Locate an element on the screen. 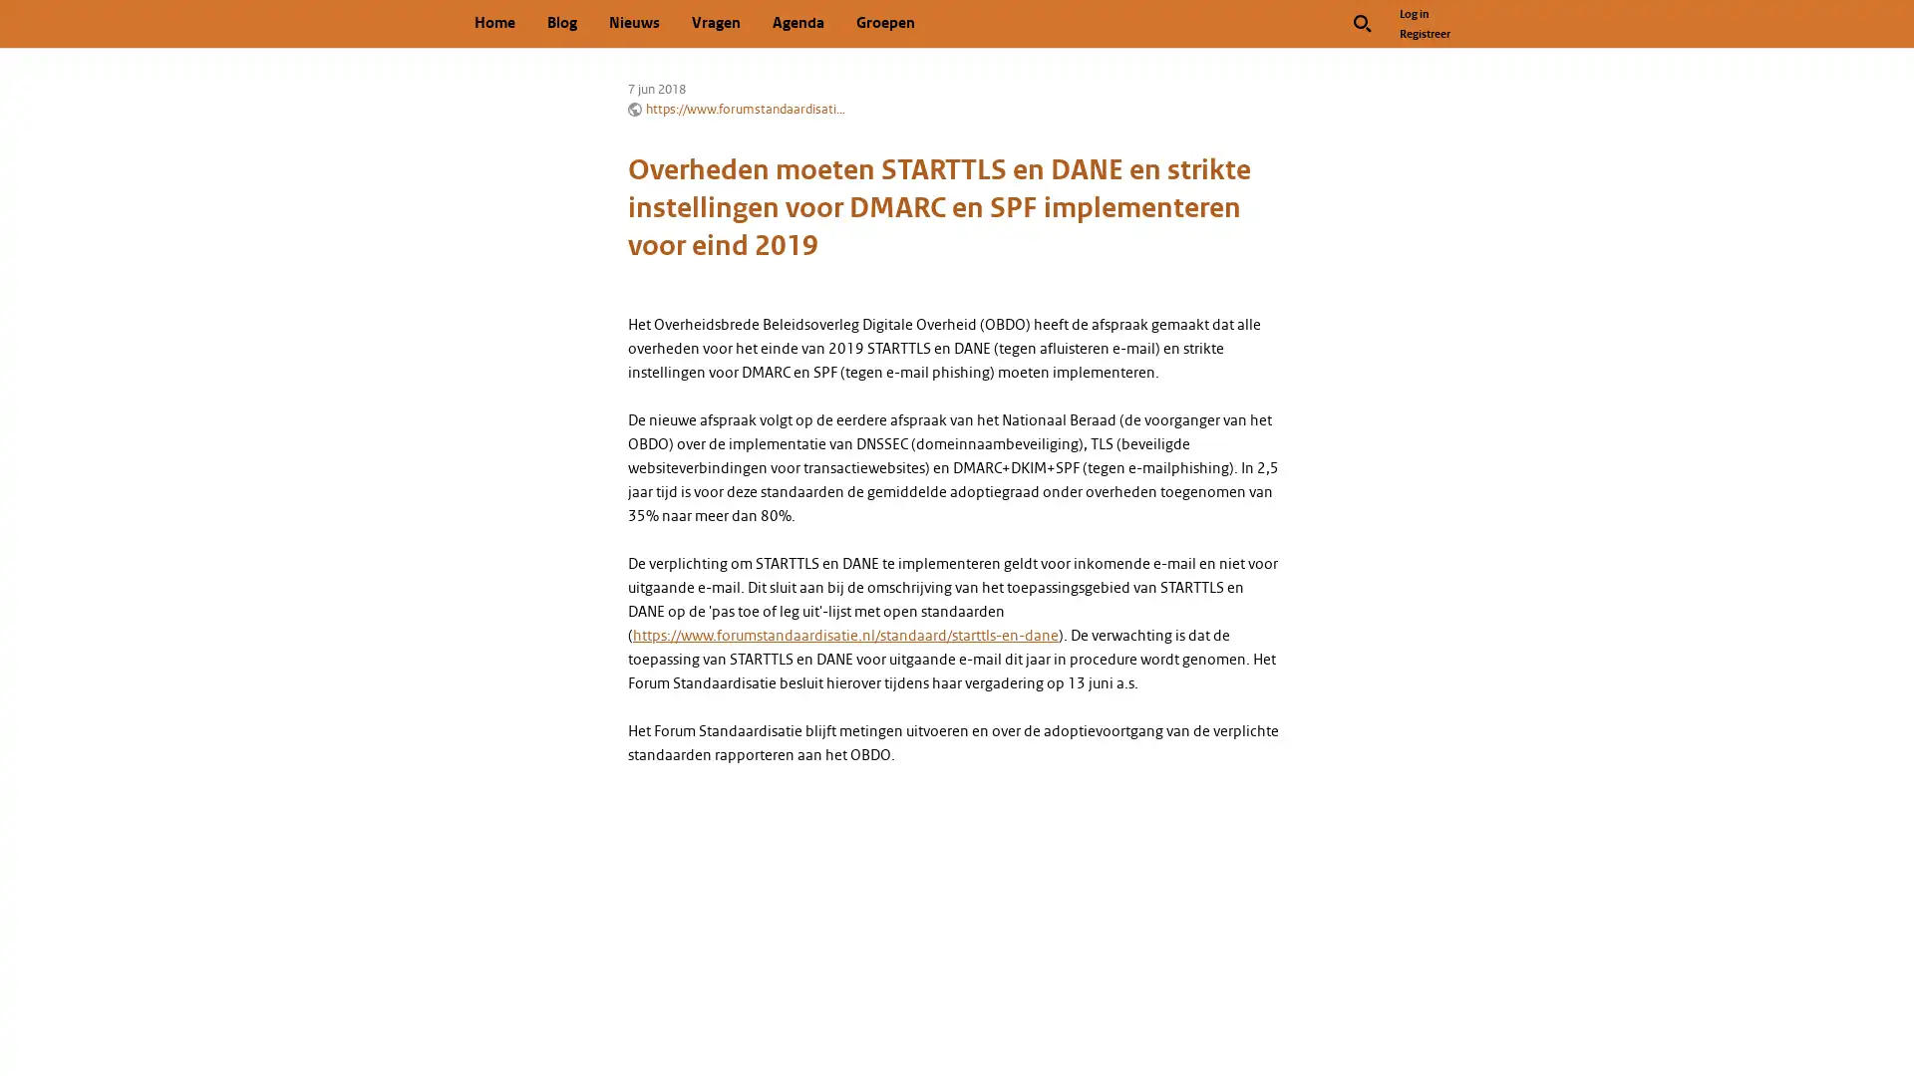  Zoek is located at coordinates (1362, 23).